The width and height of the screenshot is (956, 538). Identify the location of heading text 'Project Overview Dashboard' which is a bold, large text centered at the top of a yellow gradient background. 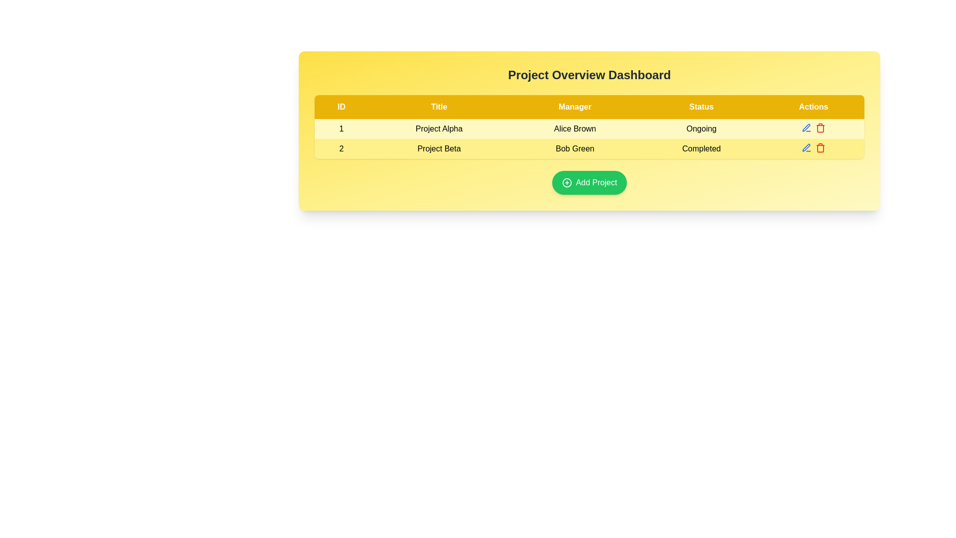
(590, 74).